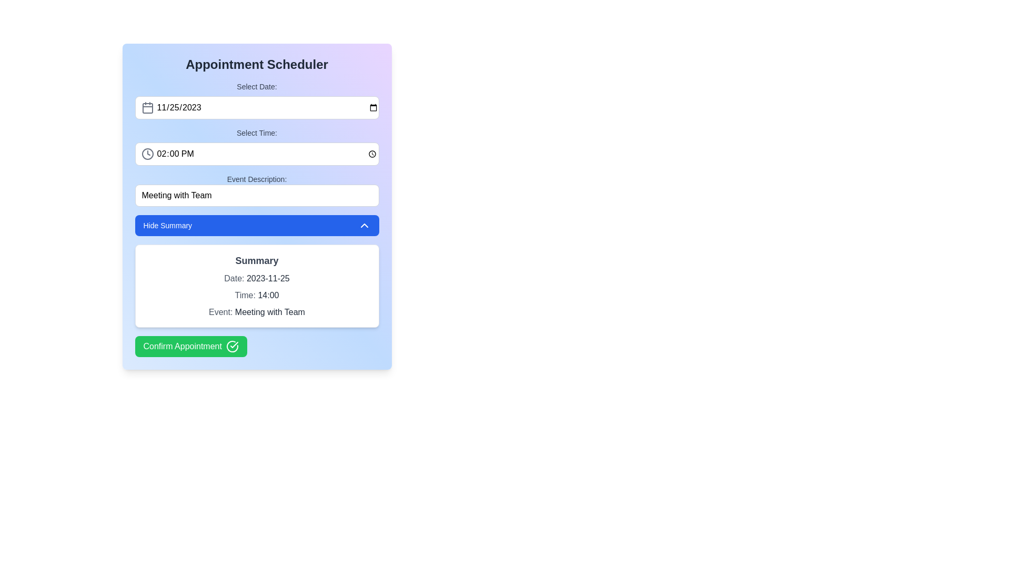  Describe the element at coordinates (268, 295) in the screenshot. I see `displayed time '14:00' from the bold text element located under the 'Time' label in the appointment summary section` at that location.